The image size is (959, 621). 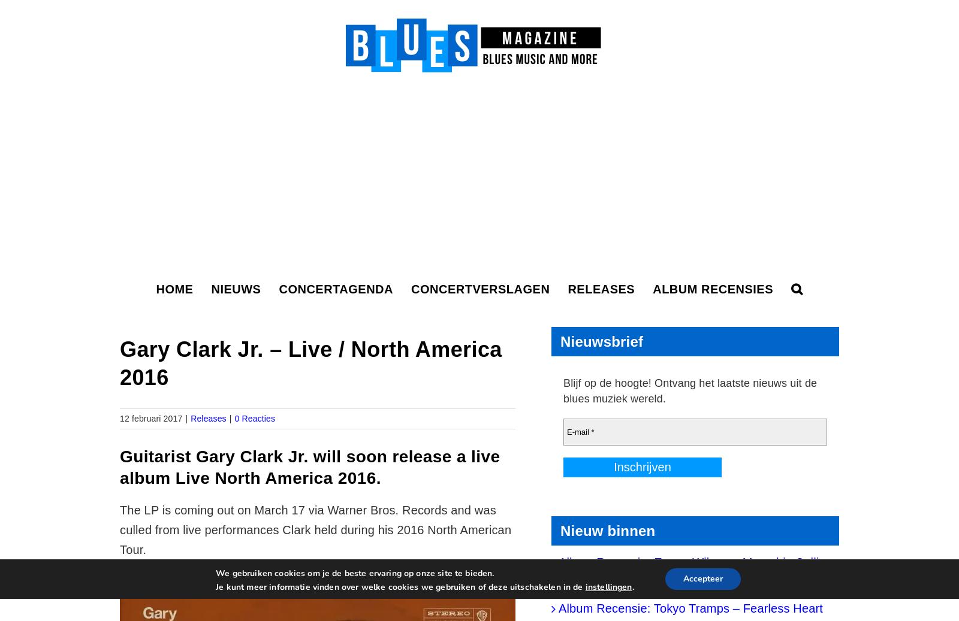 What do you see at coordinates (254, 418) in the screenshot?
I see `'0 Reacties'` at bounding box center [254, 418].